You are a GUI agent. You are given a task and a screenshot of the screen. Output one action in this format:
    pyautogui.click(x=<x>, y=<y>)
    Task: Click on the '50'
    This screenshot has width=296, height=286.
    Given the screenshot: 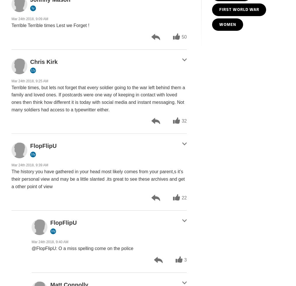 What is the action you would take?
    pyautogui.click(x=181, y=36)
    